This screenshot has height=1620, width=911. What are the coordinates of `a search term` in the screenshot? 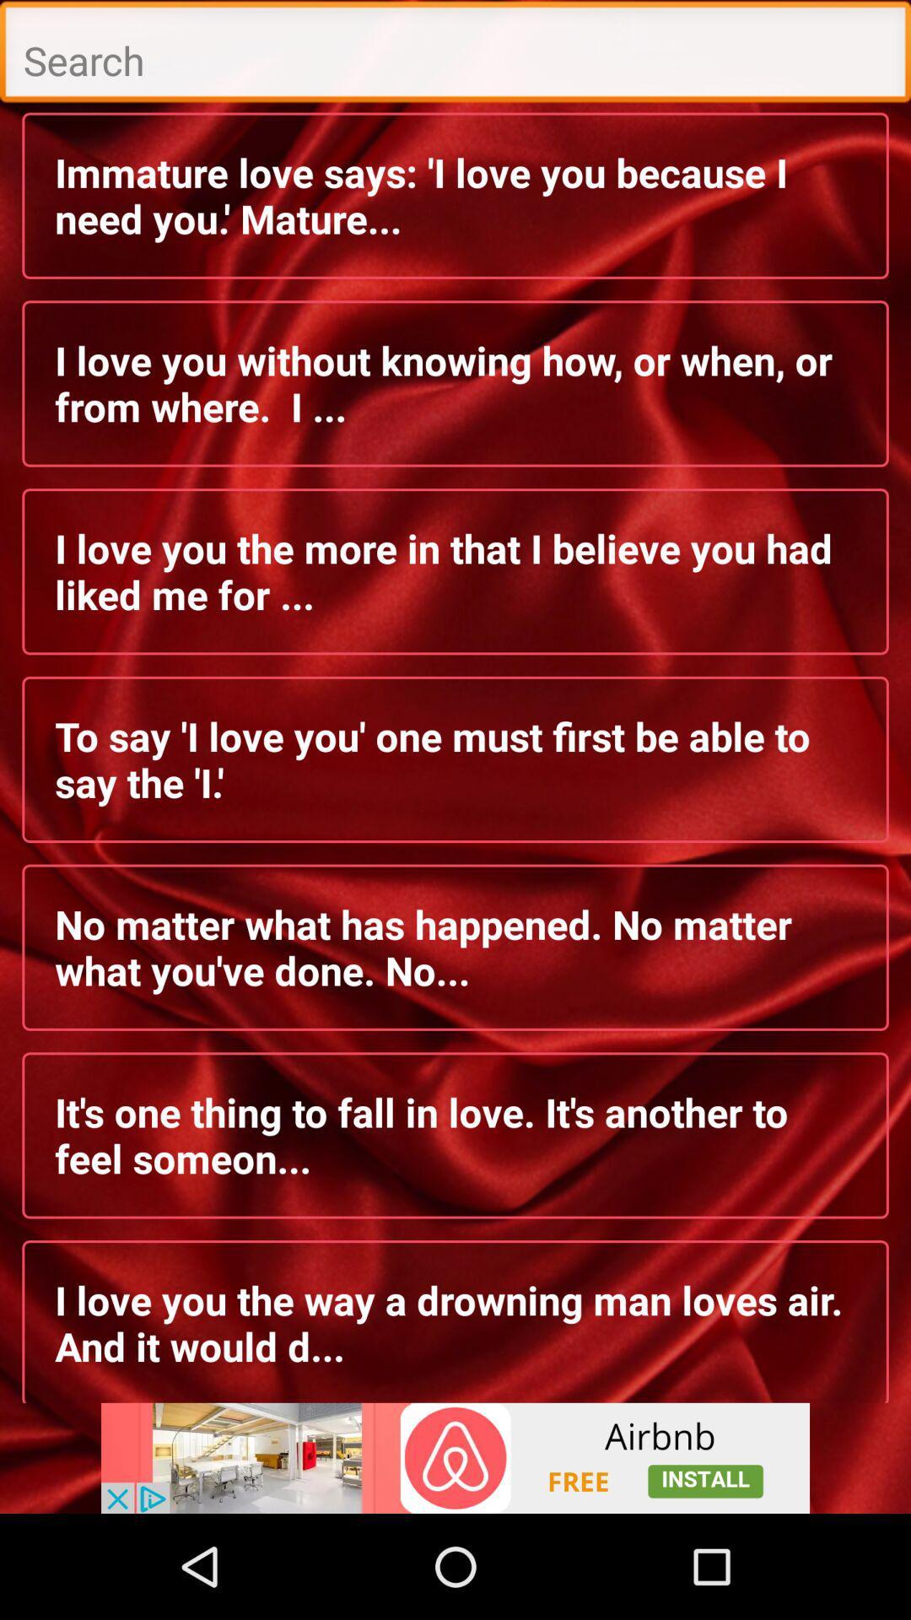 It's located at (455, 56).